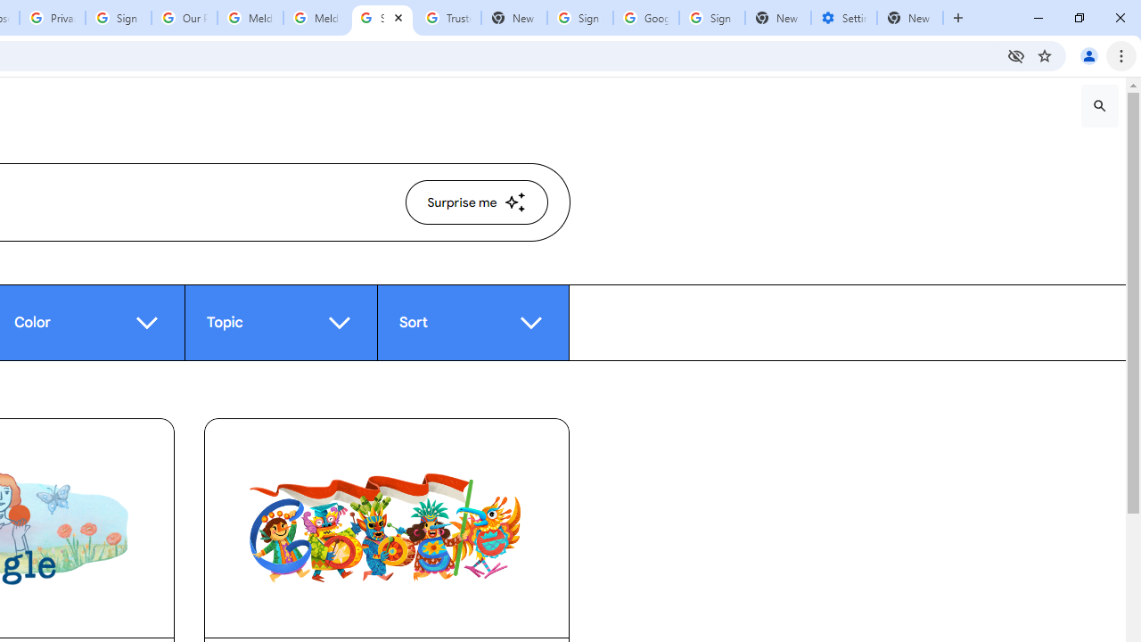 Image resolution: width=1141 pixels, height=642 pixels. I want to click on 'New Tab', so click(910, 18).